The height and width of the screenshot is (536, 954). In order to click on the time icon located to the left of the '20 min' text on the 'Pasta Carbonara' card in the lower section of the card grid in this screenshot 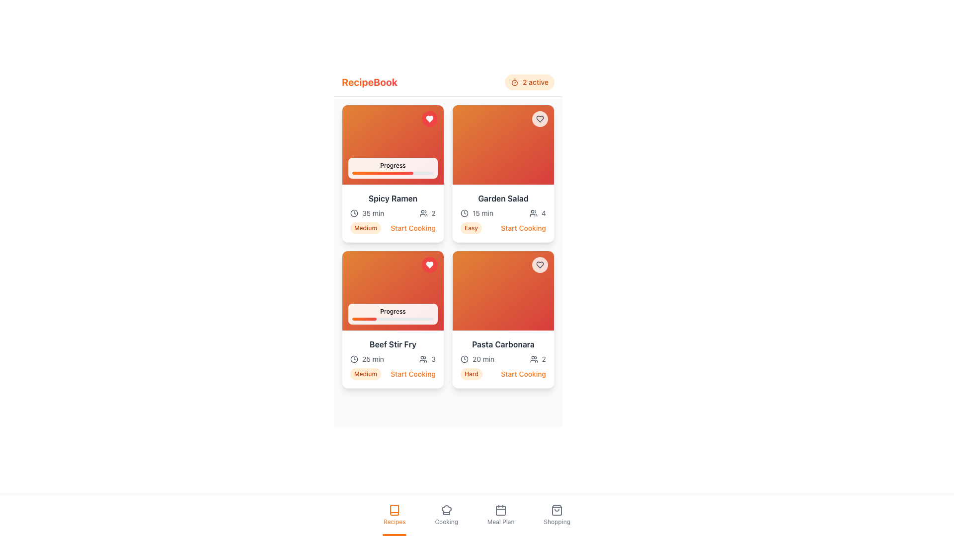, I will do `click(464, 359)`.